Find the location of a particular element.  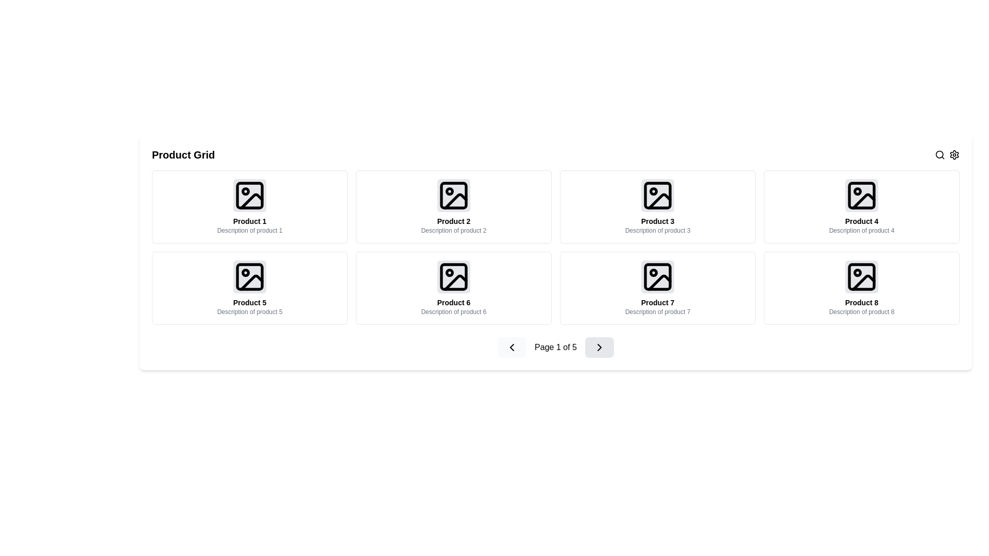

the text label element that displays 'Product 1', which is styled in bold, black text and positioned above the product description is located at coordinates (249, 220).